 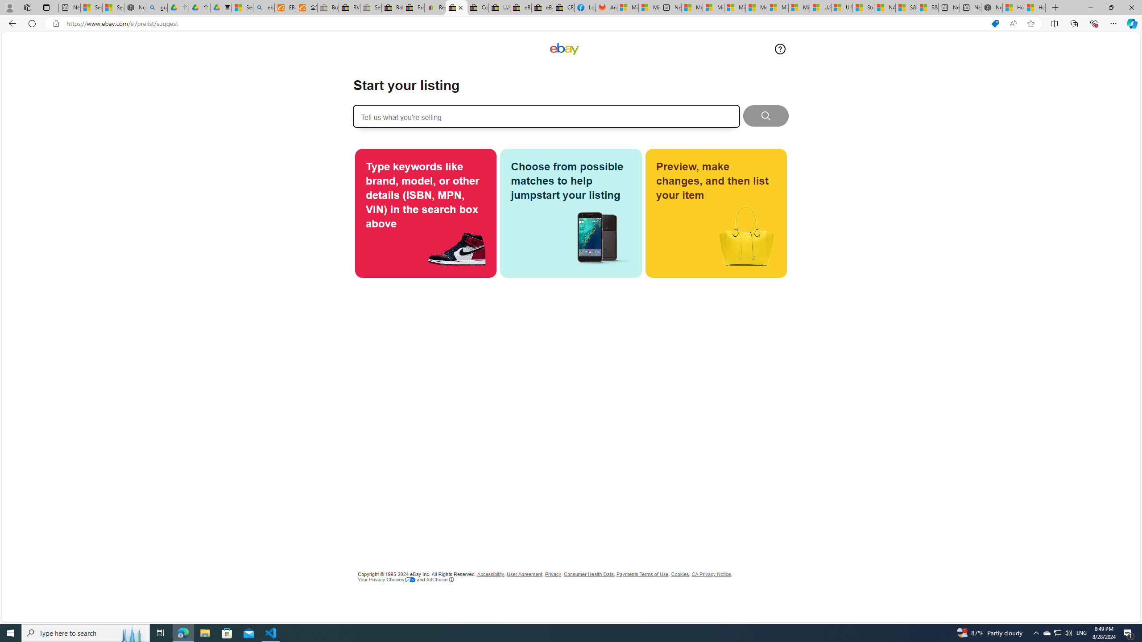 I want to click on 'Privacy', so click(x=553, y=574).